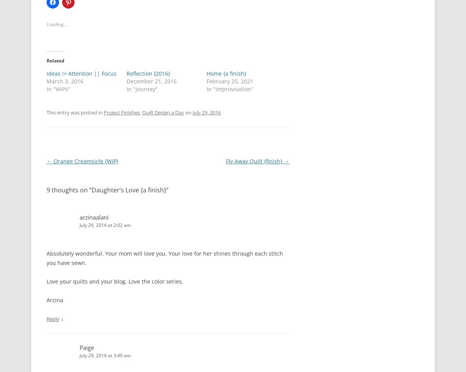 The height and width of the screenshot is (372, 466). What do you see at coordinates (94, 216) in the screenshot?
I see `'arzinaalani'` at bounding box center [94, 216].